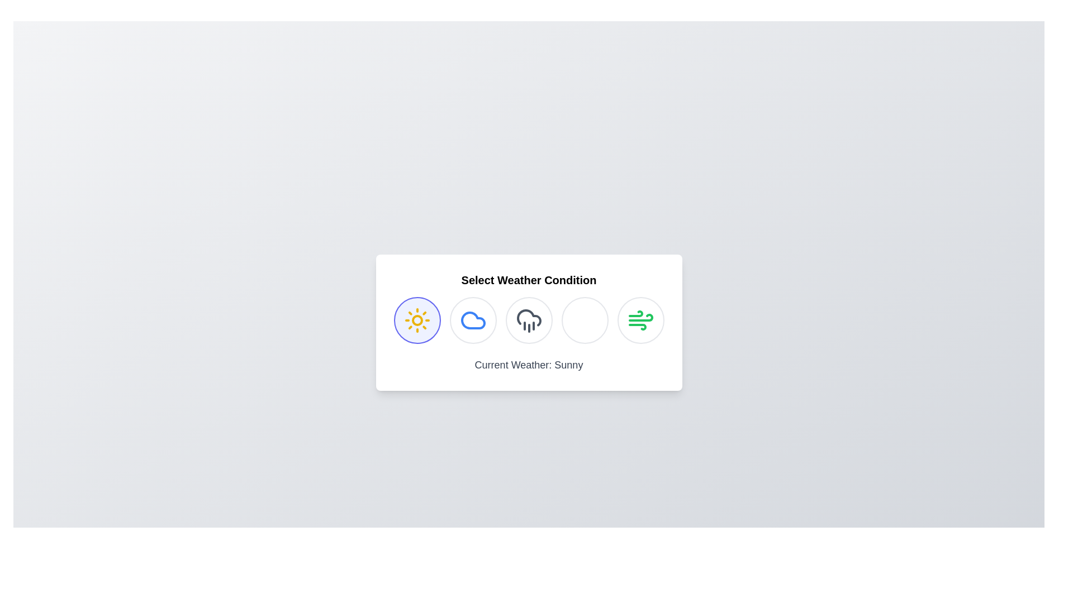 This screenshot has height=603, width=1073. Describe the element at coordinates (416, 320) in the screenshot. I see `the sun icon, which is the leftmost in a horizontal list of weather icons` at that location.